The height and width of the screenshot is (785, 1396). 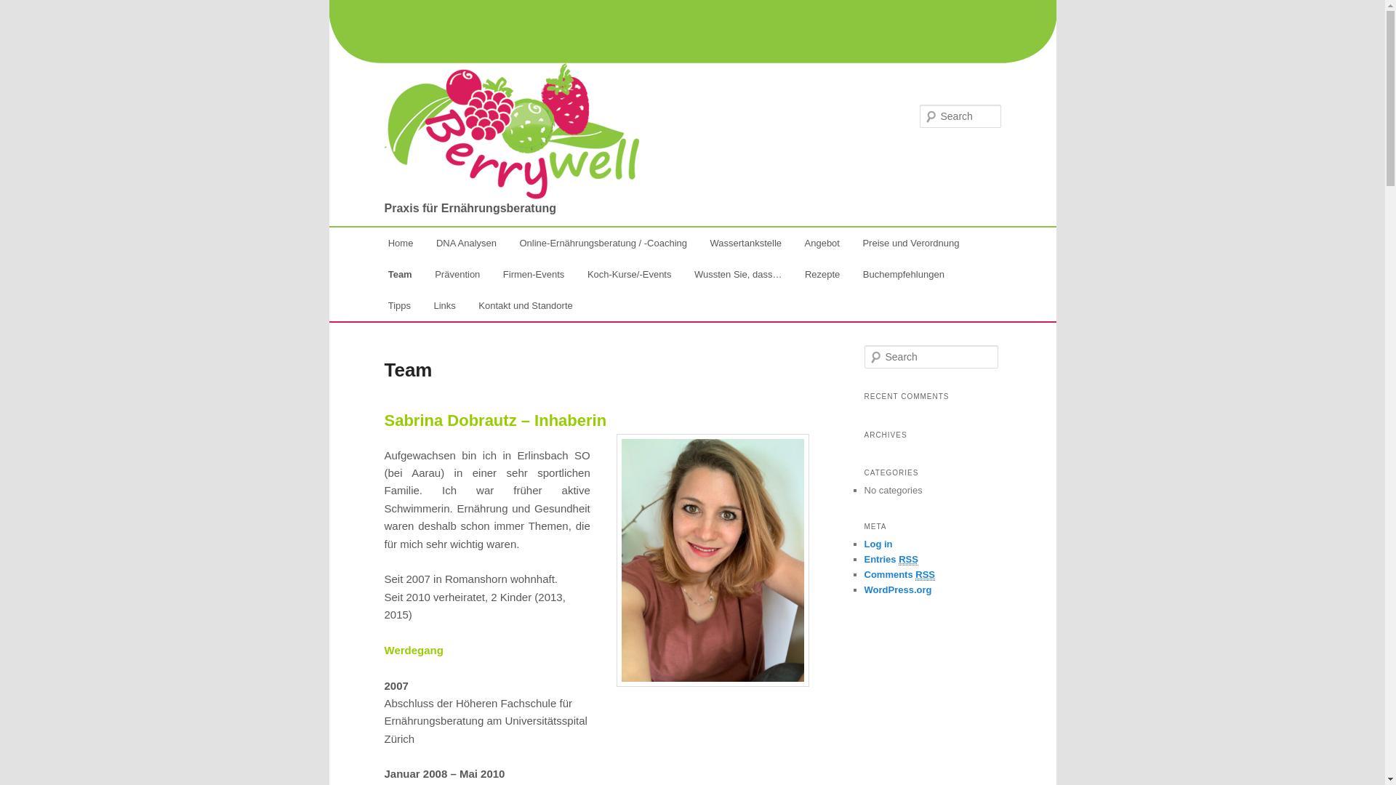 What do you see at coordinates (910, 241) in the screenshot?
I see `'Preise und Verordnung'` at bounding box center [910, 241].